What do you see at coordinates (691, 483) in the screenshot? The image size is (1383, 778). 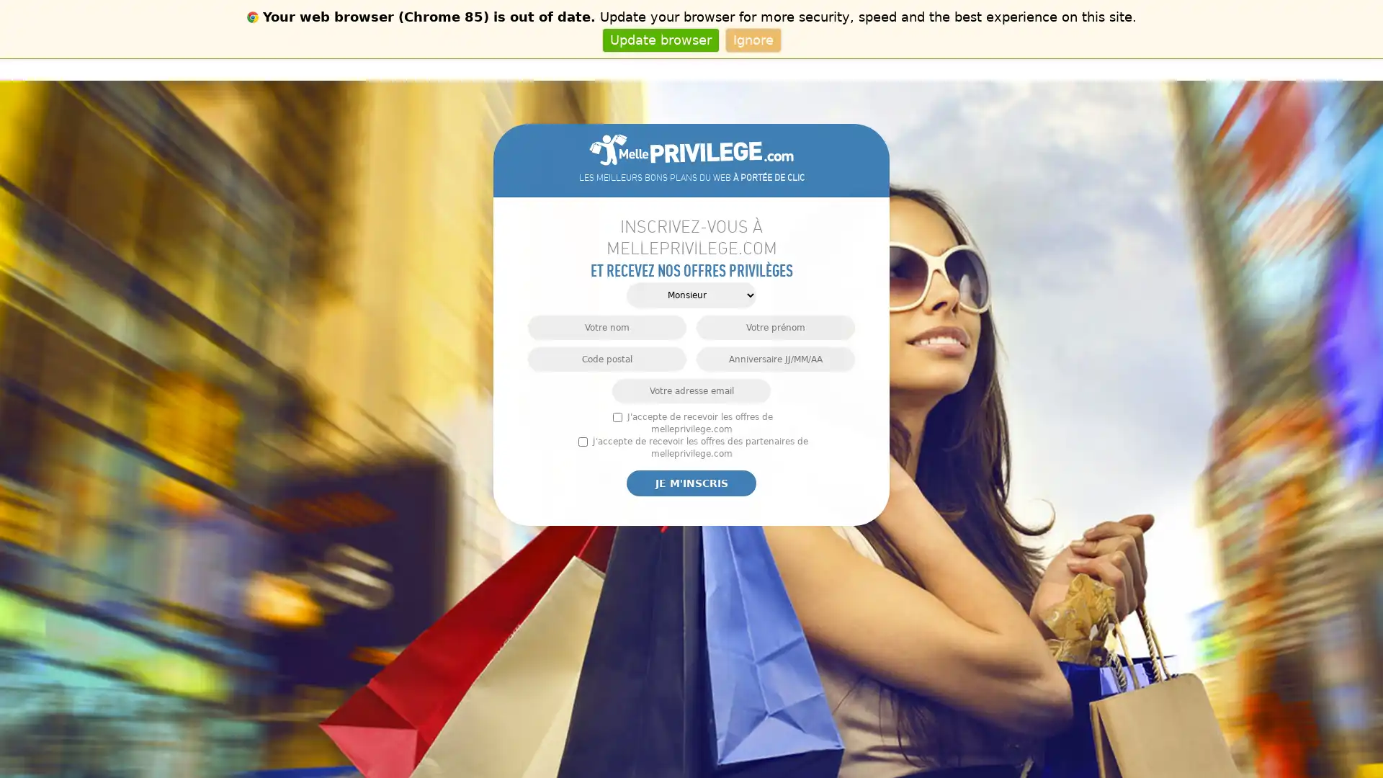 I see `Je m'inscris` at bounding box center [691, 483].